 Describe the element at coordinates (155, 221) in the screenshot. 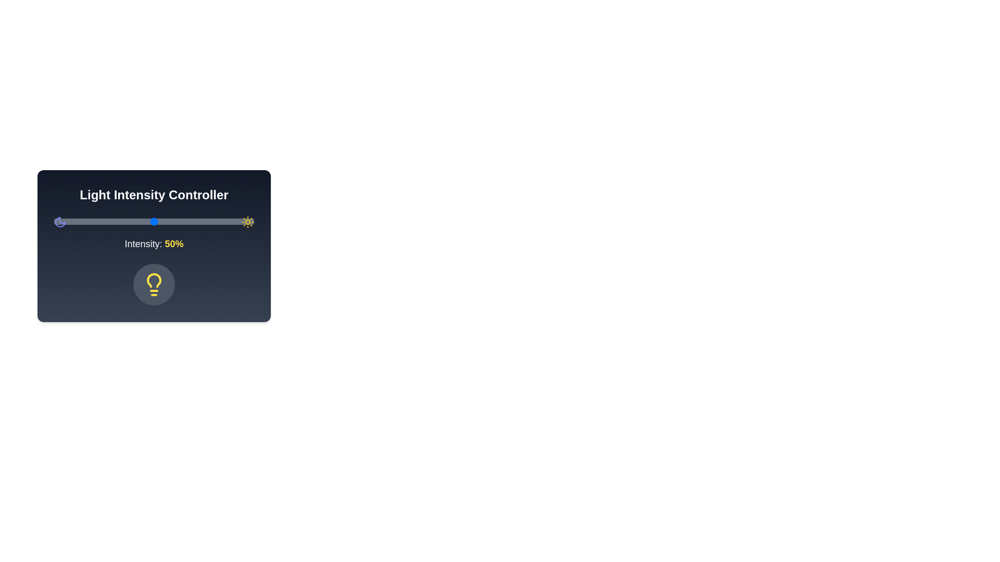

I see `the light intensity to 51% by moving the slider` at that location.